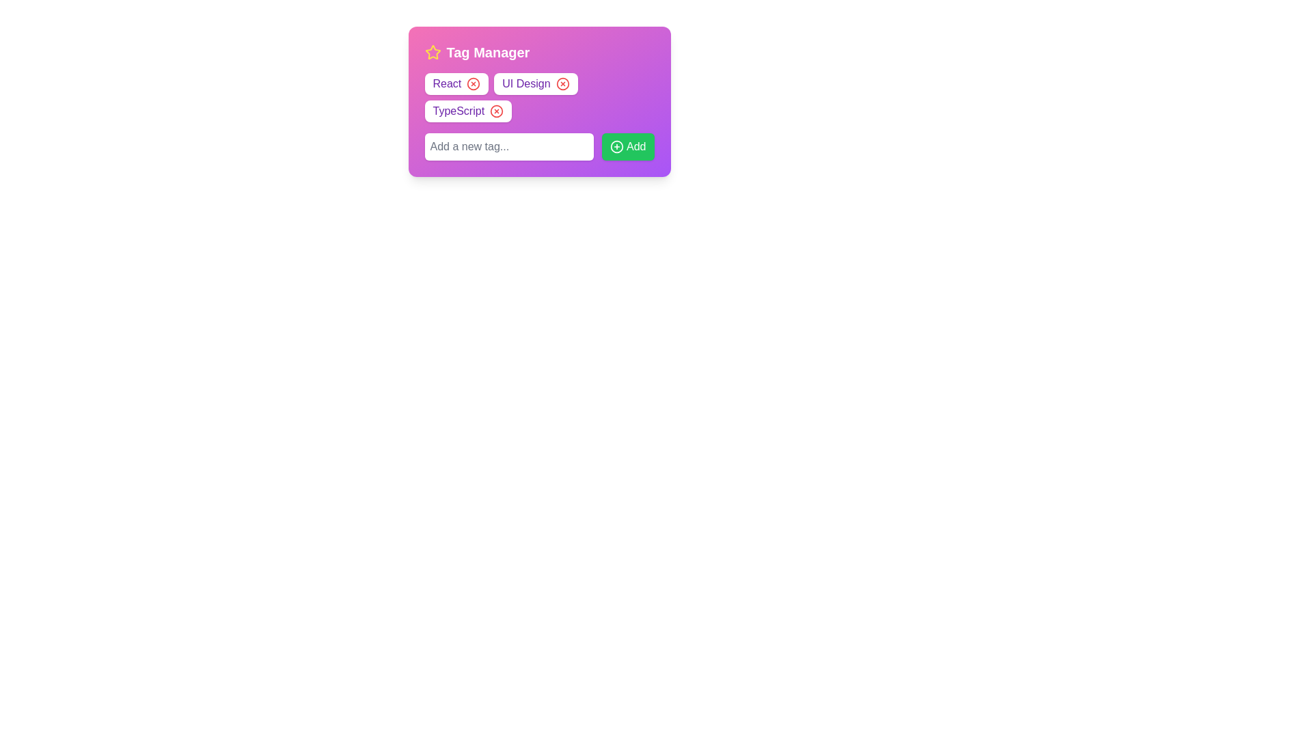  Describe the element at coordinates (456, 84) in the screenshot. I see `the small red circular button with a white cross on the right side of the 'React' tag` at that location.